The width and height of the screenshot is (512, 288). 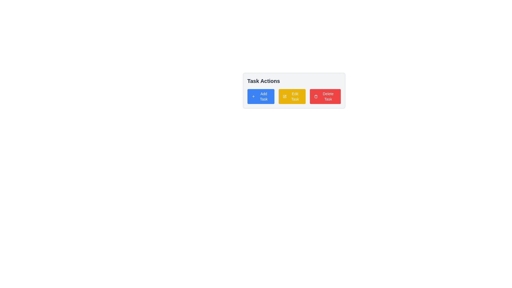 I want to click on the 'Delete Task' icon located to the left of the text 'Delete Task' in the 'Task Actions' section, so click(x=316, y=97).